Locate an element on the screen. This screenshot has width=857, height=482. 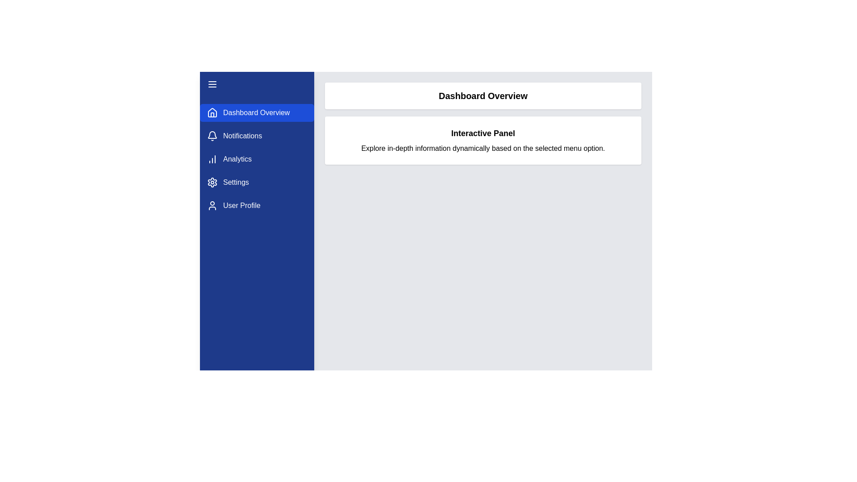
the 'Notifications' text label in the navigation sidebar is located at coordinates (242, 136).